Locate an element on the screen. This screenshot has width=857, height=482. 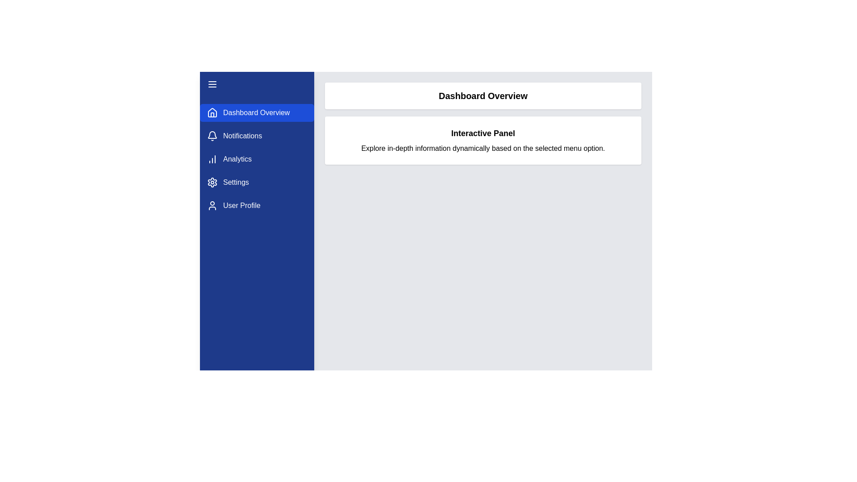
the 'Notifications' text label in the navigation sidebar is located at coordinates (242, 136).